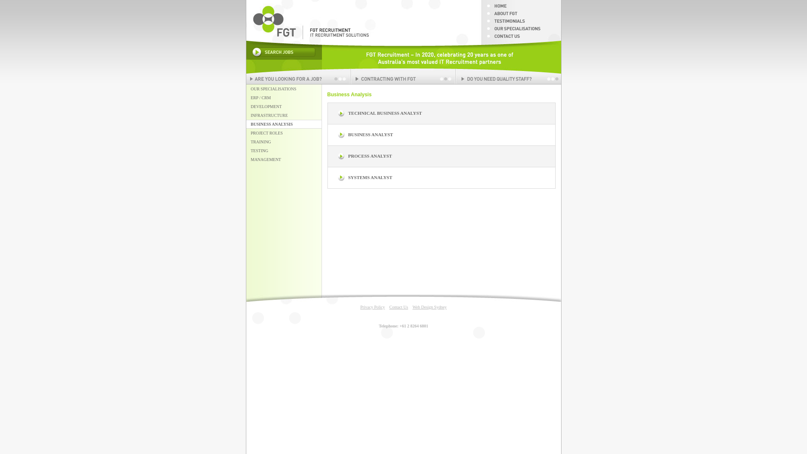 This screenshot has width=807, height=454. I want to click on 'HOME', so click(520, 8).